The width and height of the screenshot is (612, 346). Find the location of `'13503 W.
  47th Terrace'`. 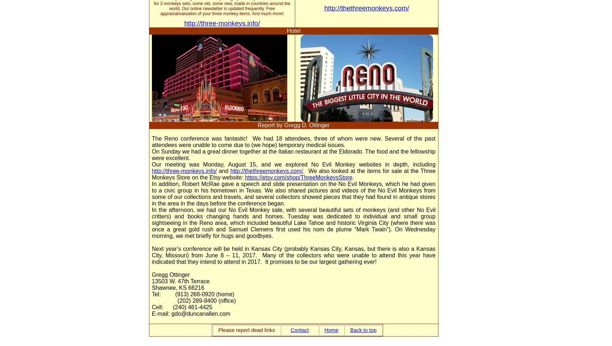

'13503 W.
  47th Terrace' is located at coordinates (180, 281).